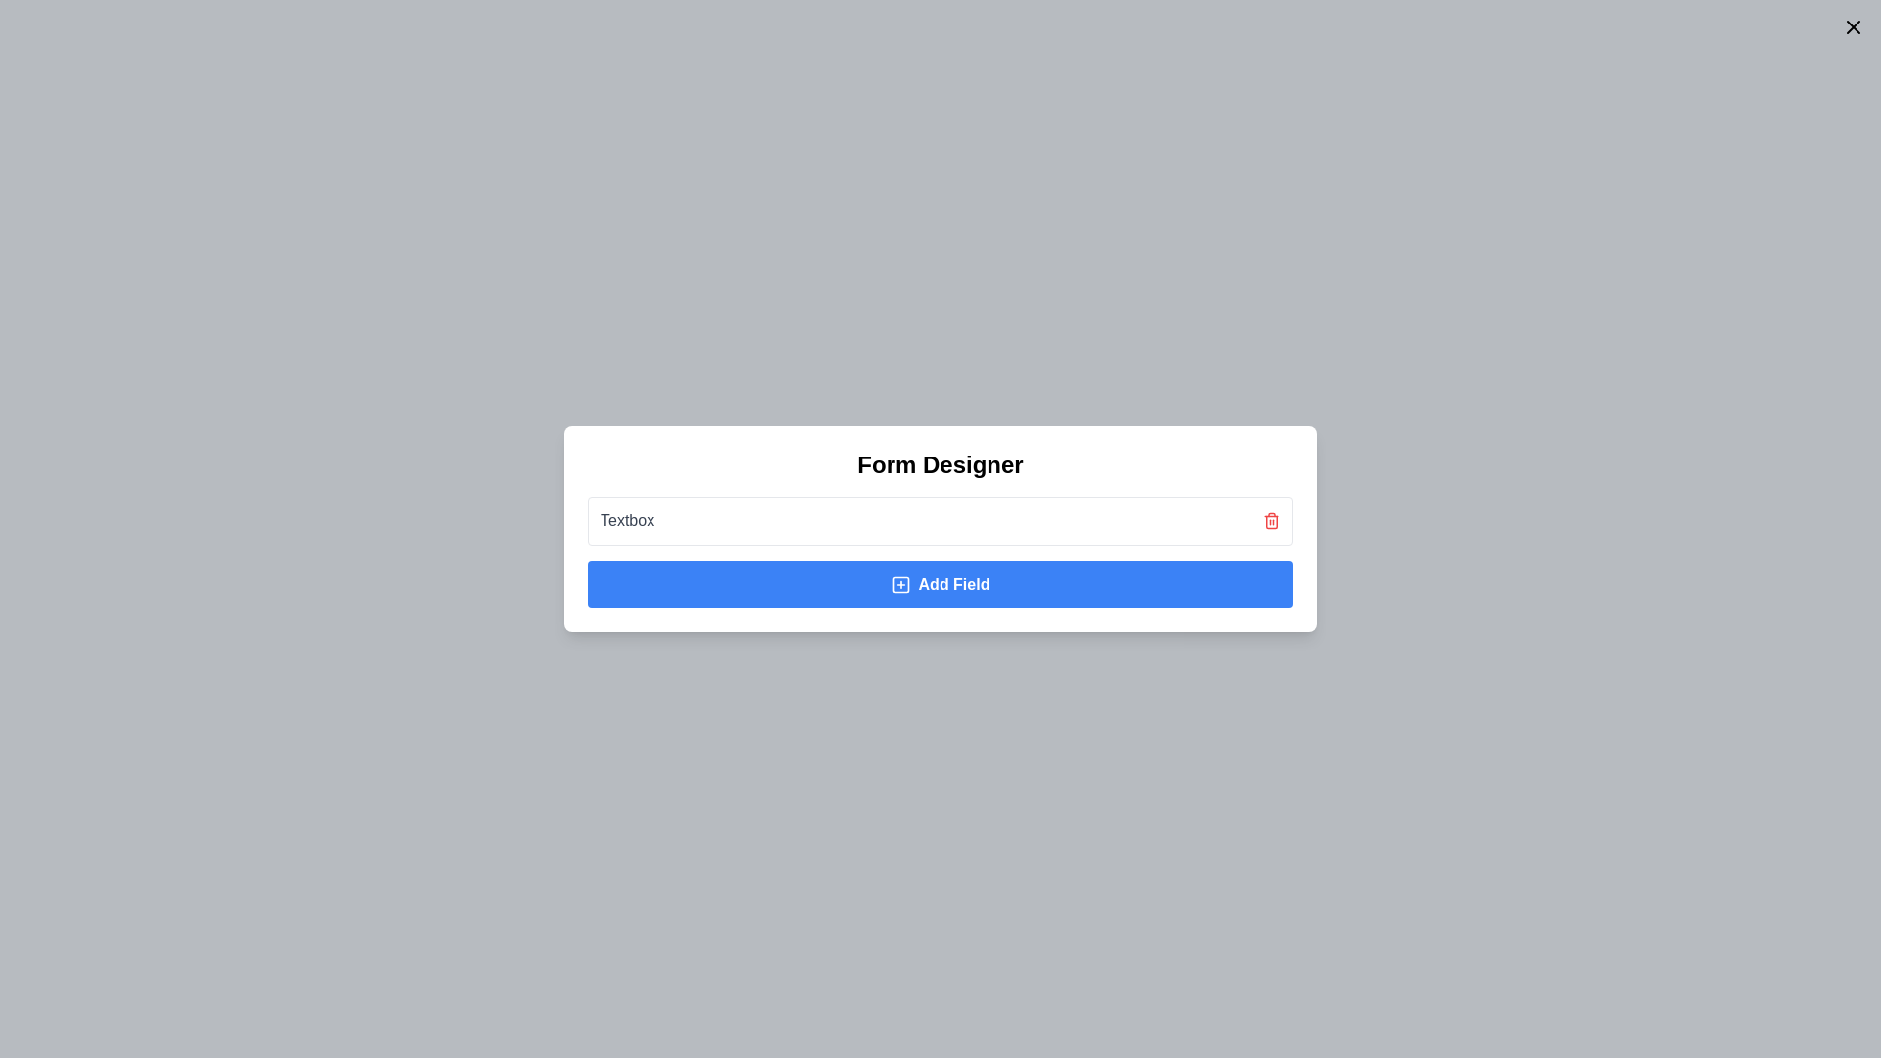  What do you see at coordinates (940, 552) in the screenshot?
I see `the compound UI component consisting of the label 'Textbox' and the blue button labeled 'Add Field' for additional interactions` at bounding box center [940, 552].